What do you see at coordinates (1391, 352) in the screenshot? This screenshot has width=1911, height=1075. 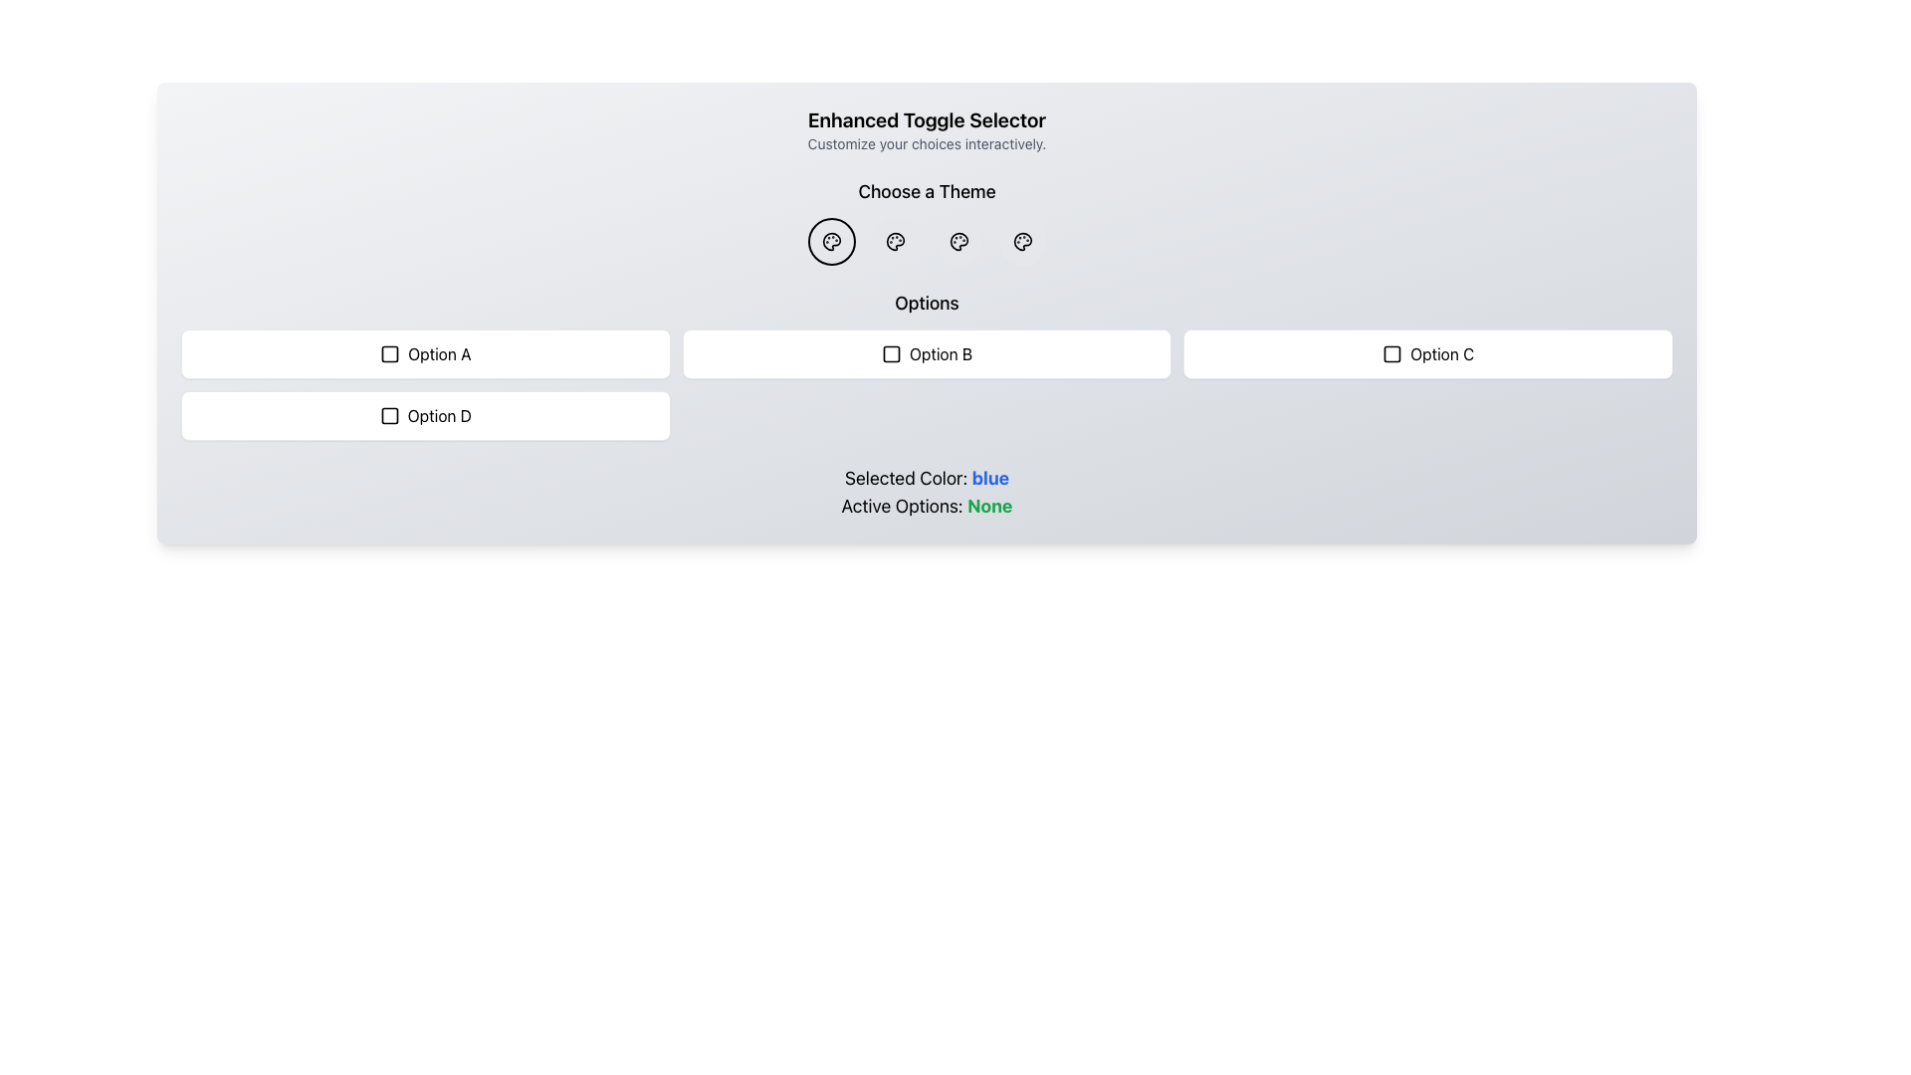 I see `the square checkbox icon located to the left of the text label 'Option C'` at bounding box center [1391, 352].